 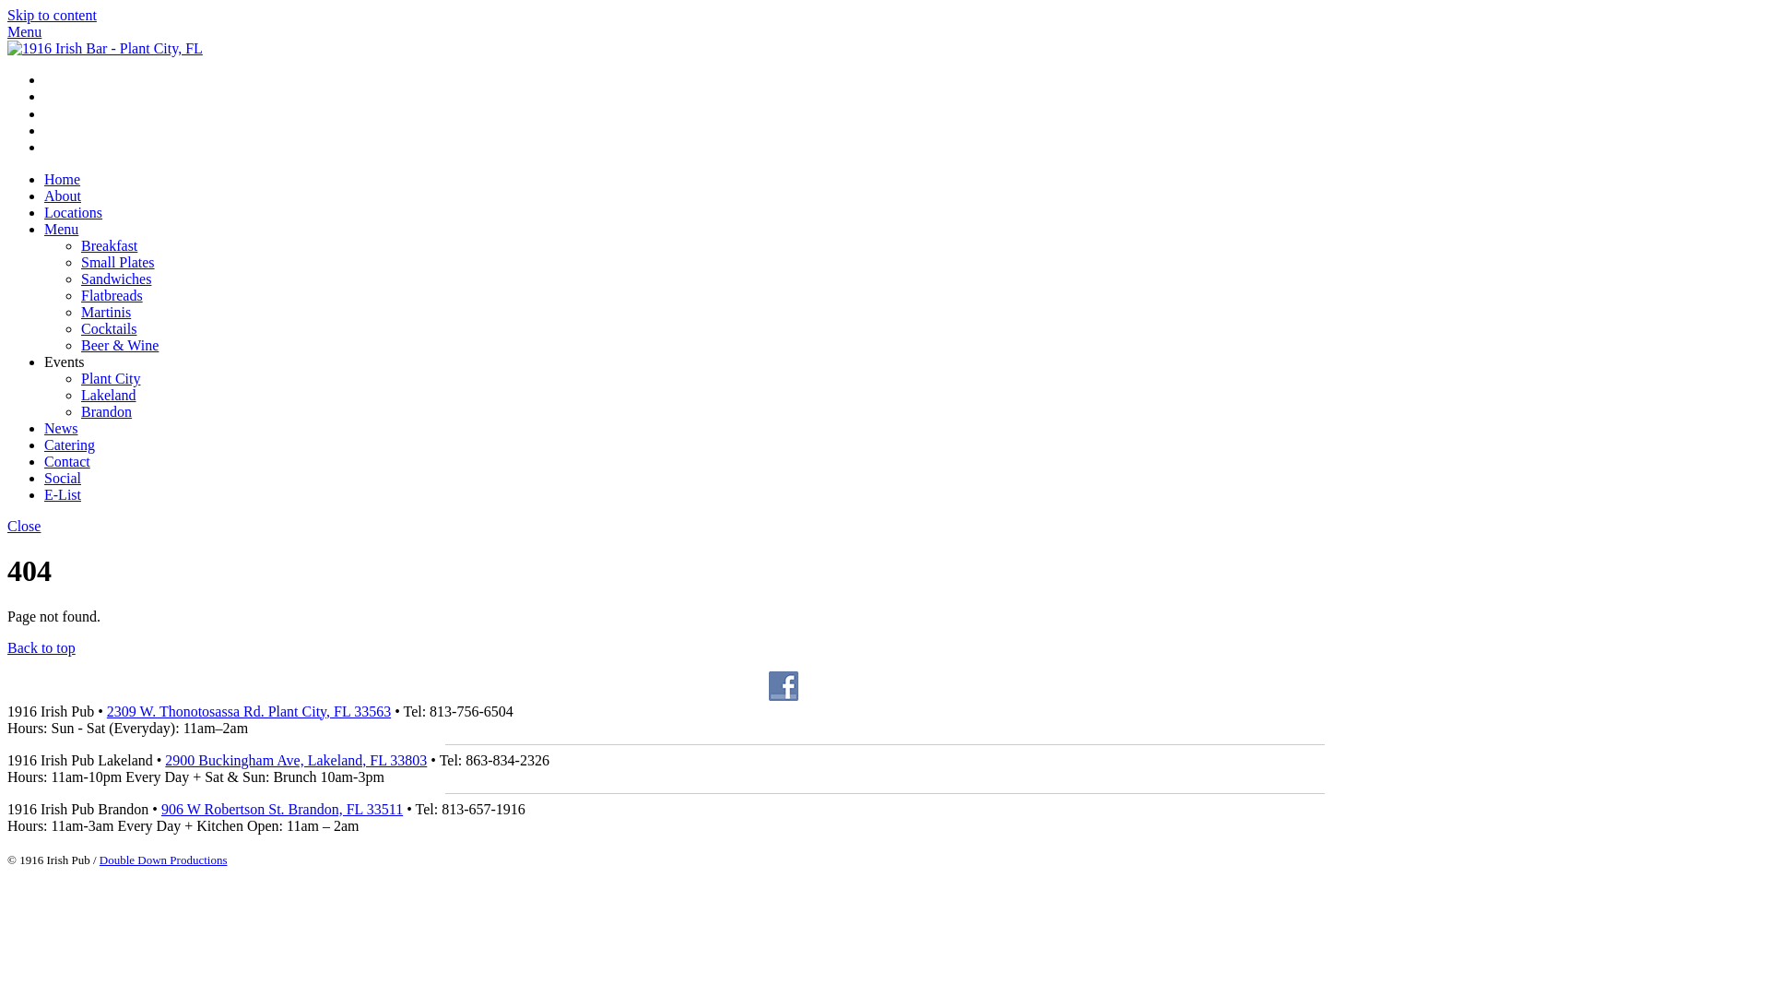 What do you see at coordinates (108, 394) in the screenshot?
I see `'Lakeland'` at bounding box center [108, 394].